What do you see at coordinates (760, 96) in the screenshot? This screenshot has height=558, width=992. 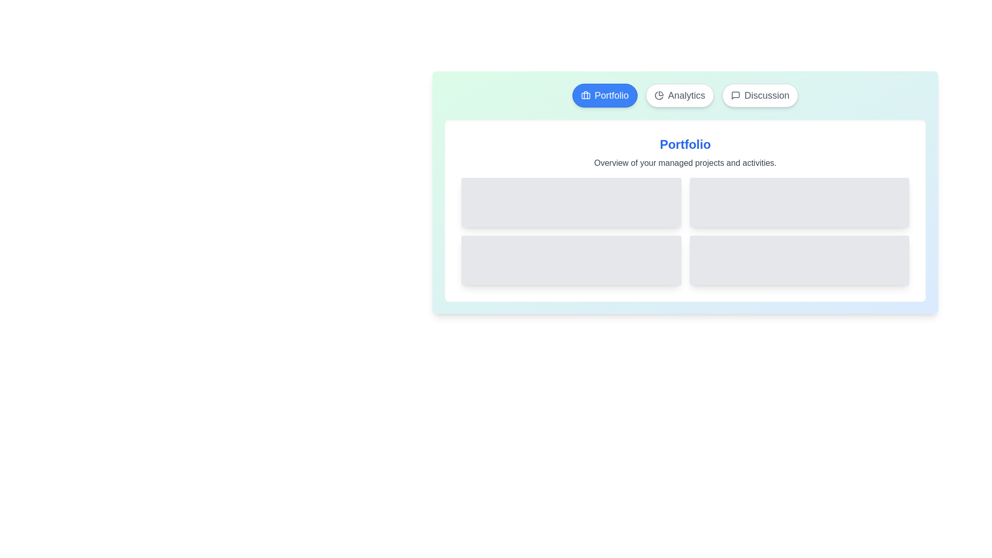 I see `the Discussion tab by clicking on its button` at bounding box center [760, 96].